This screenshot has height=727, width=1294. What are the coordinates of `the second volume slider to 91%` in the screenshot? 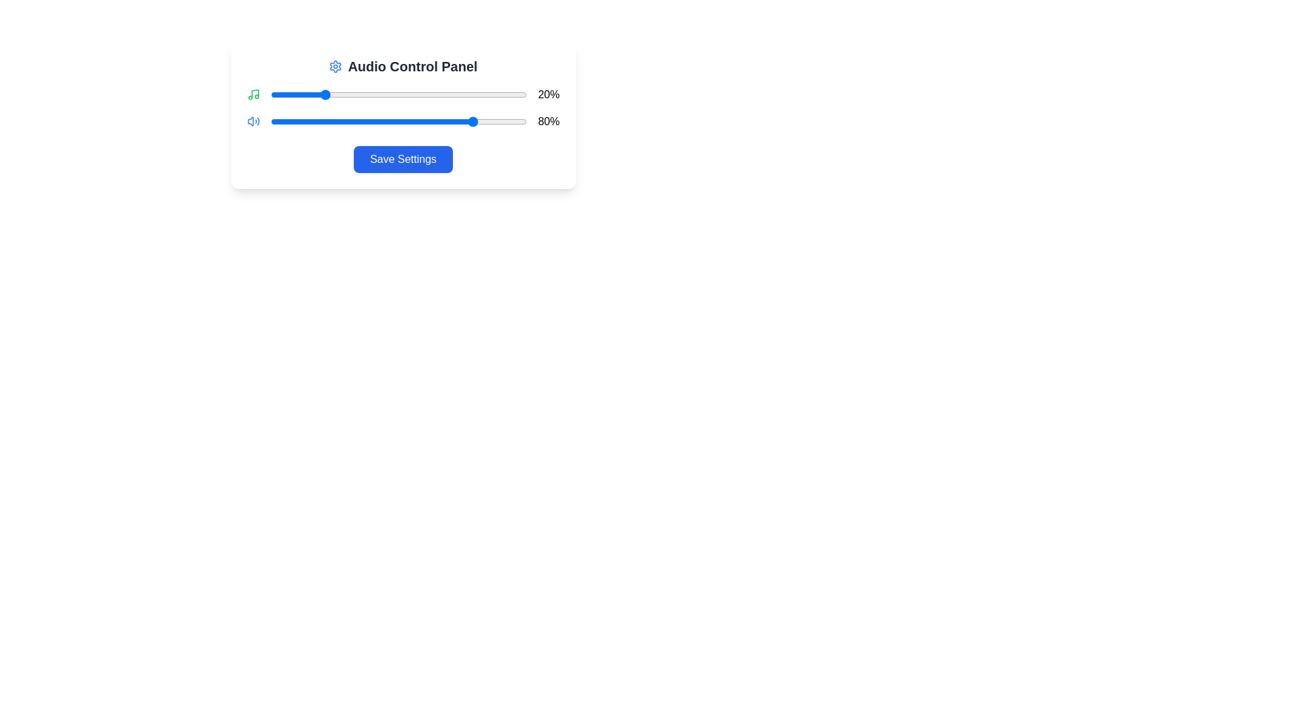 It's located at (503, 122).